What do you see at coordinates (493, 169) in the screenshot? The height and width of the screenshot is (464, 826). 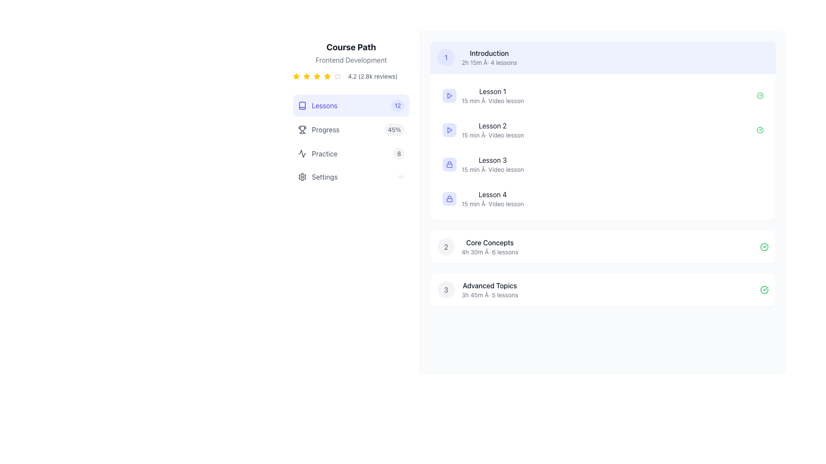 I see `the static text label that provides information about the lesson's duration and type, positioned beneath 'Lesson 3' in the lesson list, to potentially reveal more details` at bounding box center [493, 169].